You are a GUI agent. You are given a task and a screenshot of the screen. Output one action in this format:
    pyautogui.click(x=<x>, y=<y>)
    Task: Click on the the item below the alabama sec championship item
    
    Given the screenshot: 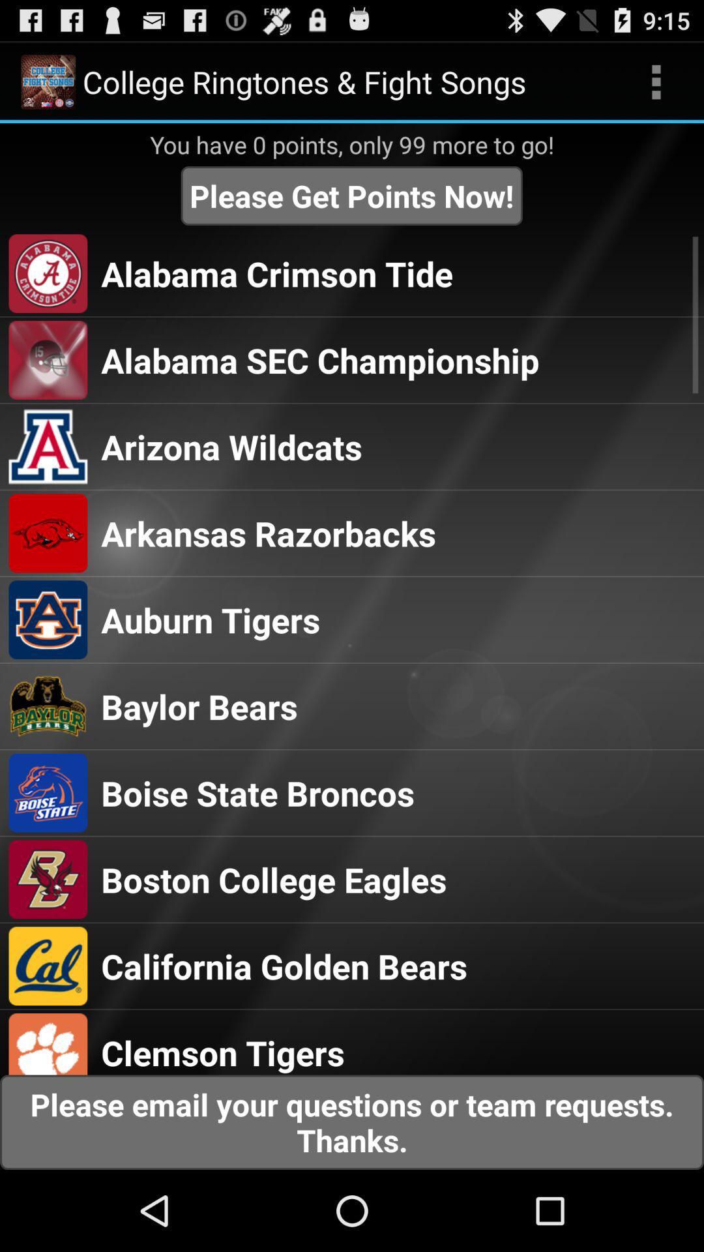 What is the action you would take?
    pyautogui.click(x=231, y=447)
    